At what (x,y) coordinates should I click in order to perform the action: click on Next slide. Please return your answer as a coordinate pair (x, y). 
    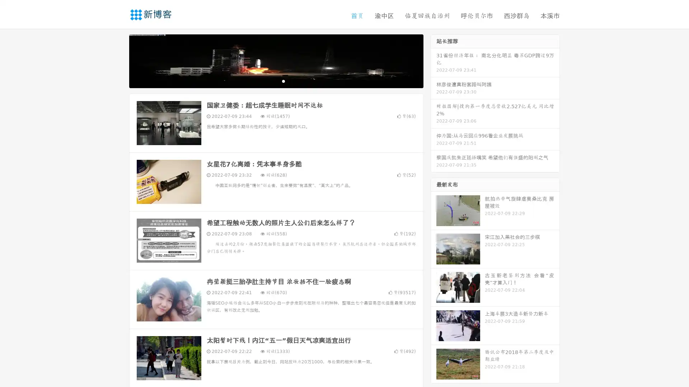
    Looking at the image, I should click on (433, 60).